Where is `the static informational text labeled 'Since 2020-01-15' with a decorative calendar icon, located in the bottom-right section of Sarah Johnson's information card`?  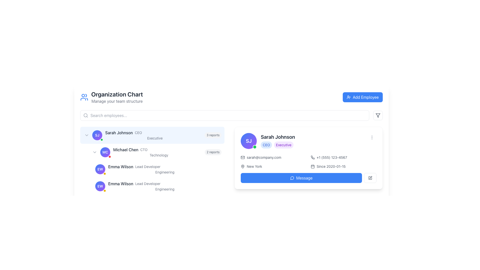
the static informational text labeled 'Since 2020-01-15' with a decorative calendar icon, located in the bottom-right section of Sarah Johnson's information card is located at coordinates (343, 166).